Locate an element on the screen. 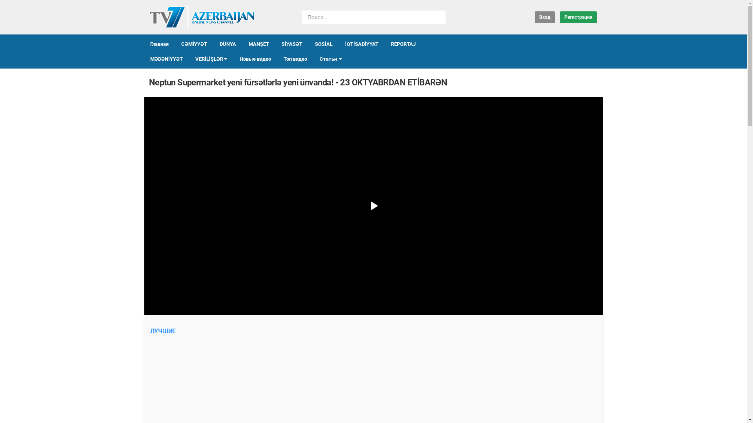 The image size is (753, 423). 'REPORTAJ' is located at coordinates (403, 44).